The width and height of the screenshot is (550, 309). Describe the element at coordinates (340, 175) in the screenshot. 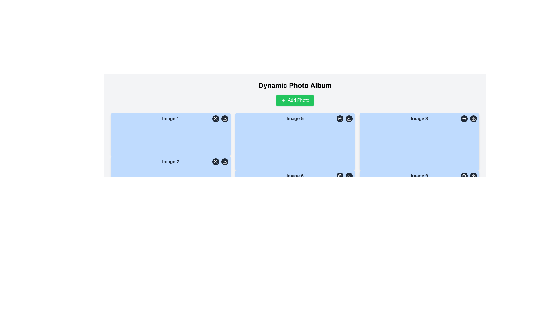

I see `the magnifying glass icon within the circular button located in the bottom-right corner of the 'Image 6' card to zoom in on the associated image` at that location.